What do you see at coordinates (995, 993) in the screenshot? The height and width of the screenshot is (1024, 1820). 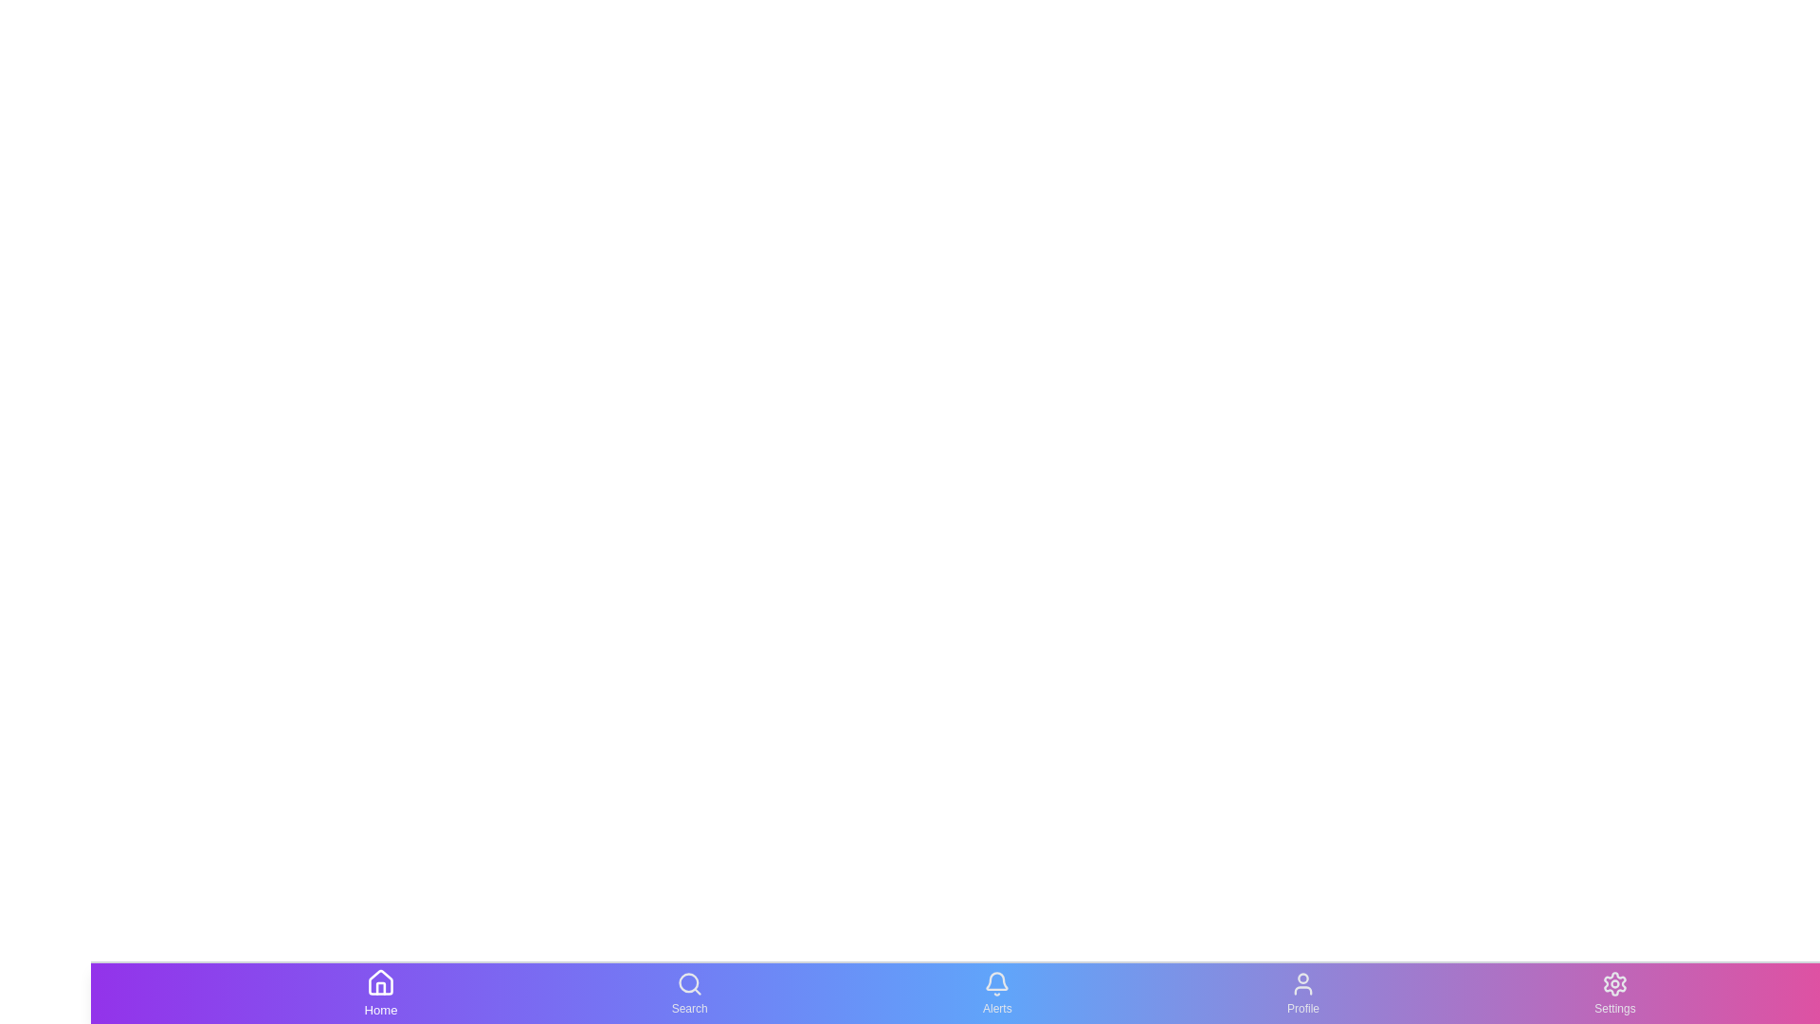 I see `the Alerts icon to preview its hover effect` at bounding box center [995, 993].